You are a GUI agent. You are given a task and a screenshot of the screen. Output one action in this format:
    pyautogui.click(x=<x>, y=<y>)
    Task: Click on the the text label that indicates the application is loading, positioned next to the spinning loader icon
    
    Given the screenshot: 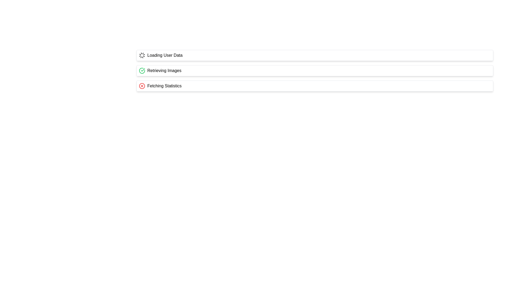 What is the action you would take?
    pyautogui.click(x=165, y=55)
    